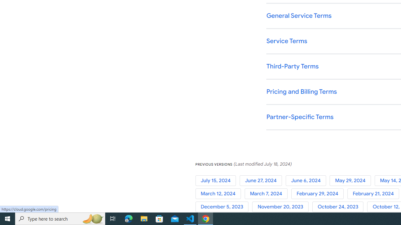 This screenshot has width=401, height=225. Describe the element at coordinates (319, 193) in the screenshot. I see `'February 29, 2024'` at that location.